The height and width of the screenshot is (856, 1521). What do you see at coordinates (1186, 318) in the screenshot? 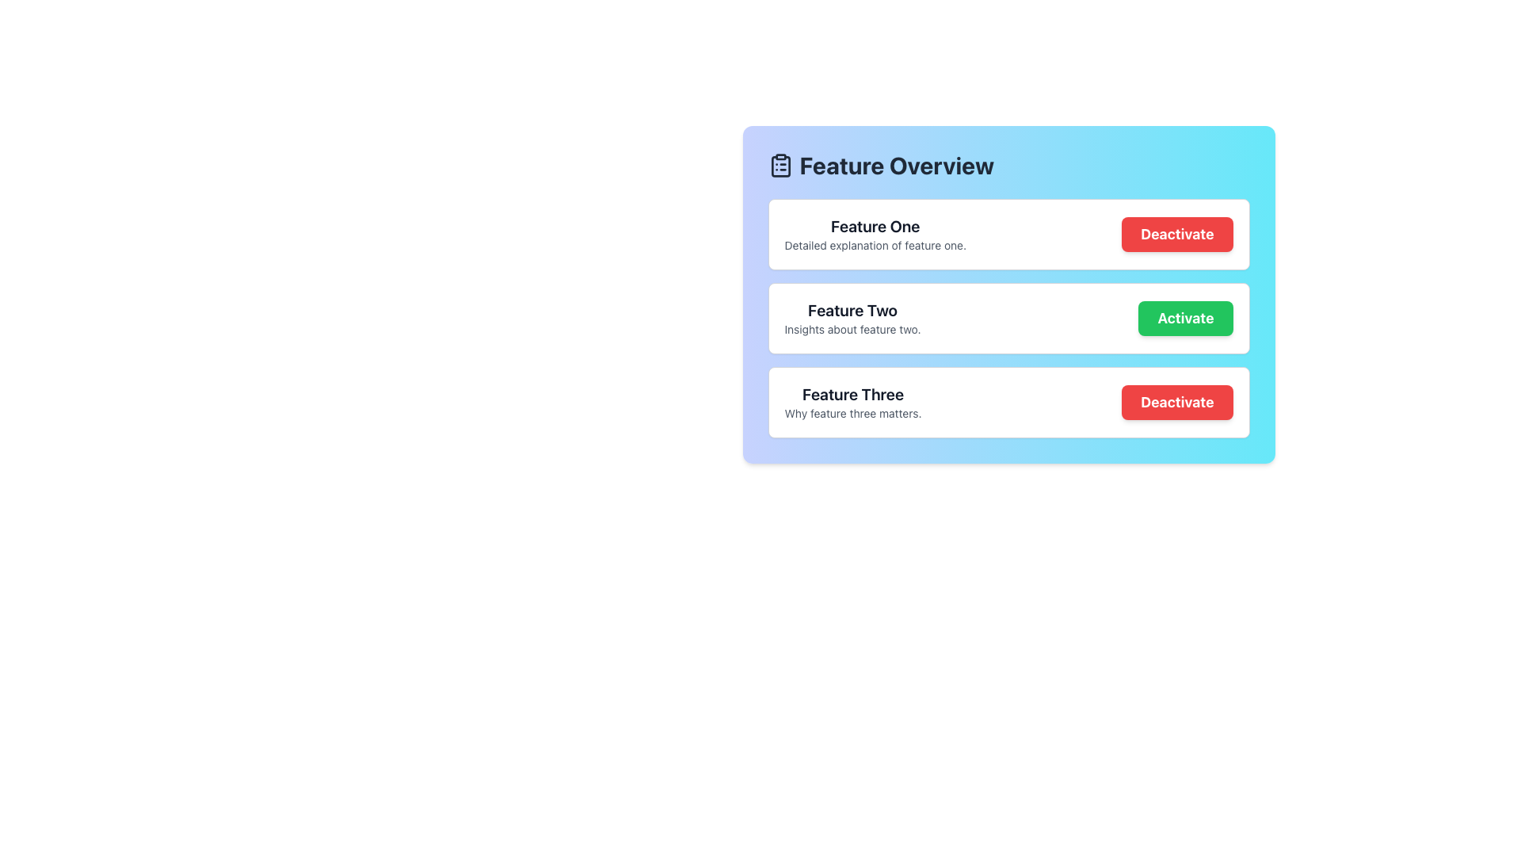
I see `the green button labeled 'Activate' located in the 'Feature Two' section` at bounding box center [1186, 318].